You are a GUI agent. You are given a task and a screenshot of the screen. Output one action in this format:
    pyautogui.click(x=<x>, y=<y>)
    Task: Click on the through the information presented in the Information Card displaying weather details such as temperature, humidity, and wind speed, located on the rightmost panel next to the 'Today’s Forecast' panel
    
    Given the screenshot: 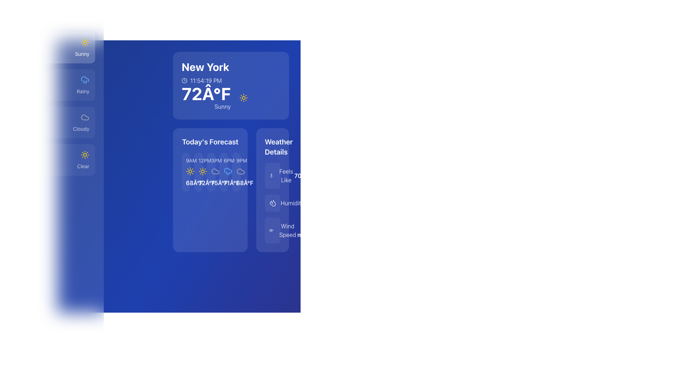 What is the action you would take?
    pyautogui.click(x=272, y=190)
    